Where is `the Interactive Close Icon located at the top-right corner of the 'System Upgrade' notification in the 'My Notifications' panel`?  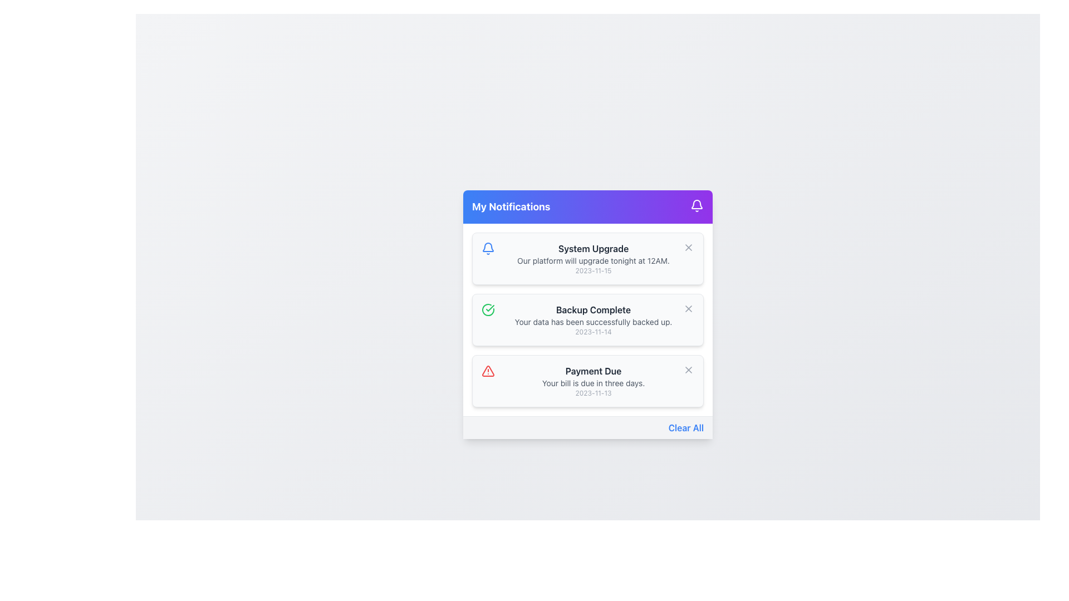 the Interactive Close Icon located at the top-right corner of the 'System Upgrade' notification in the 'My Notifications' panel is located at coordinates (688, 246).